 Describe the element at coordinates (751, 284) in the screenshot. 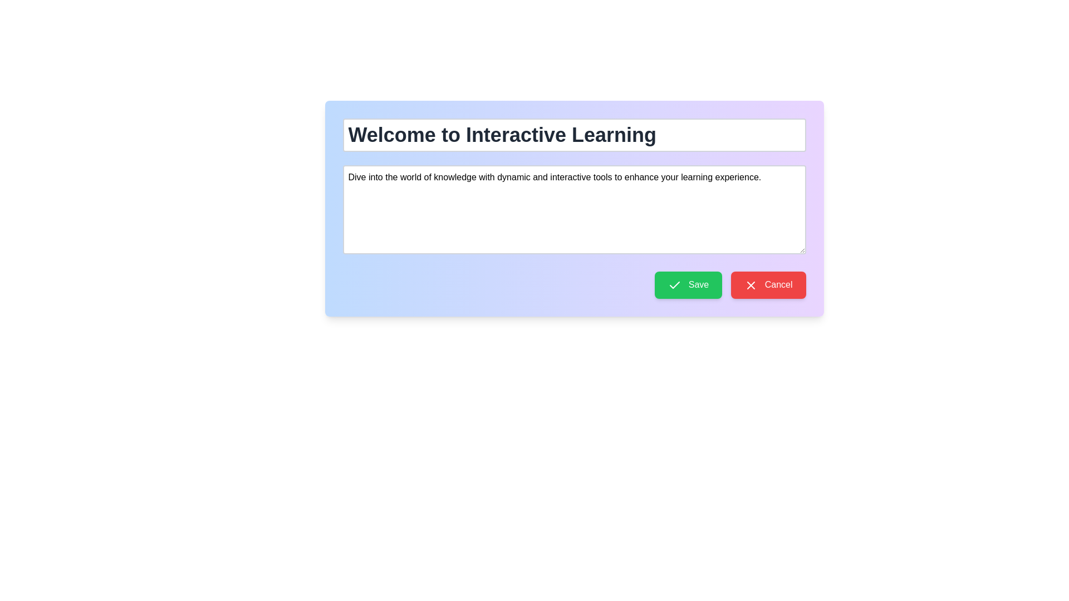

I see `the close or cancel icon located in the top-right corner of the modal dialog` at that location.